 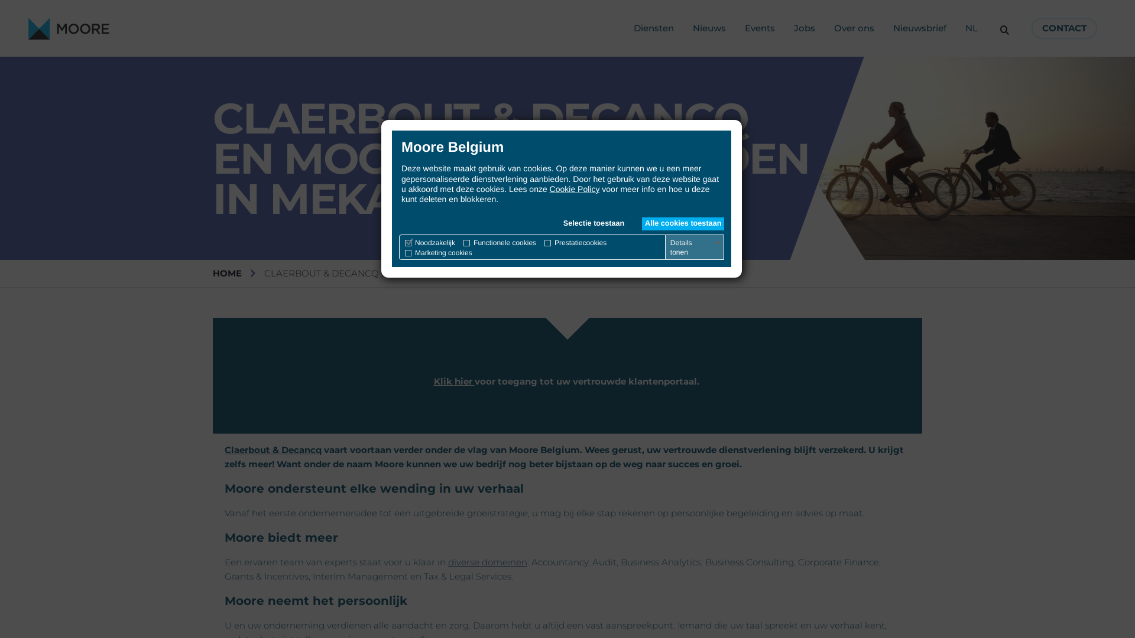 What do you see at coordinates (692, 27) in the screenshot?
I see `'Nieuws'` at bounding box center [692, 27].